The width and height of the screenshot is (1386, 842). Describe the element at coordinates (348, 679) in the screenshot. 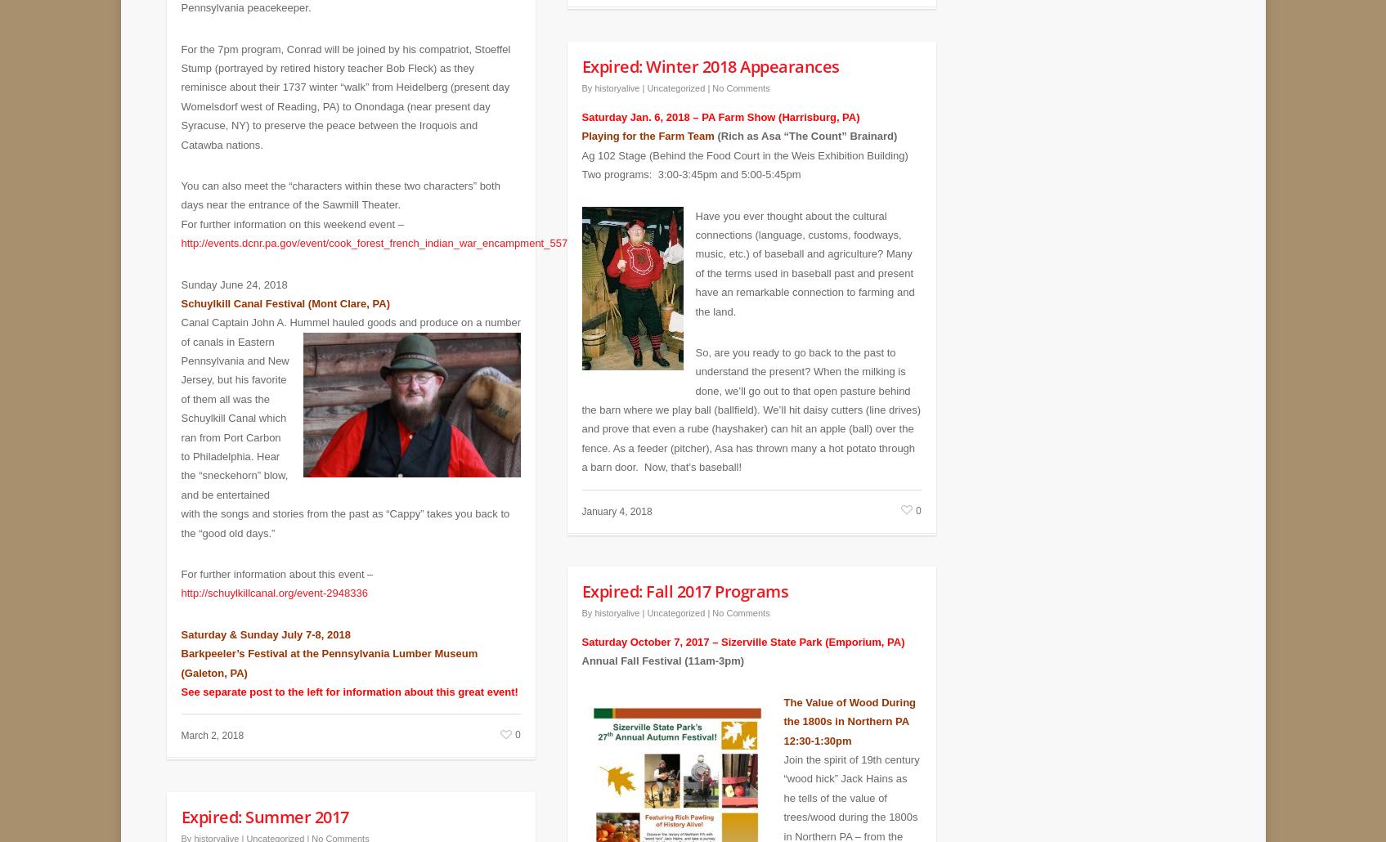

I see `'See separate post to the left for information about this great event!'` at that location.